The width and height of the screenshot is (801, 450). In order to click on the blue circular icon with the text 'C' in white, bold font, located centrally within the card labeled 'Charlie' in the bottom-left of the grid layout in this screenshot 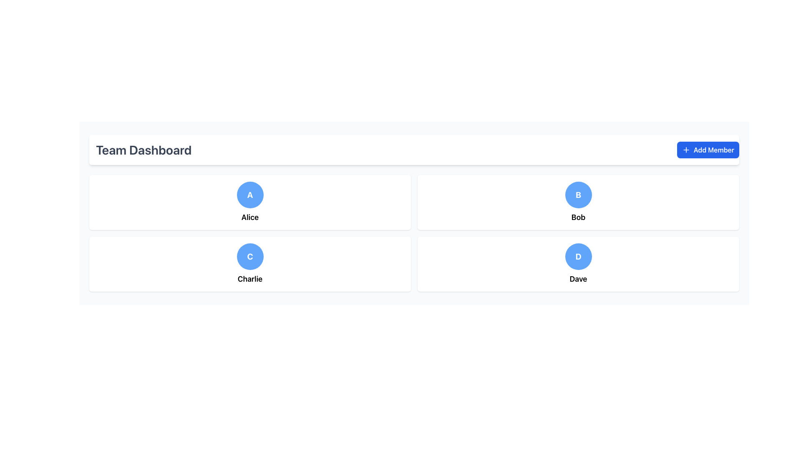, I will do `click(249, 256)`.